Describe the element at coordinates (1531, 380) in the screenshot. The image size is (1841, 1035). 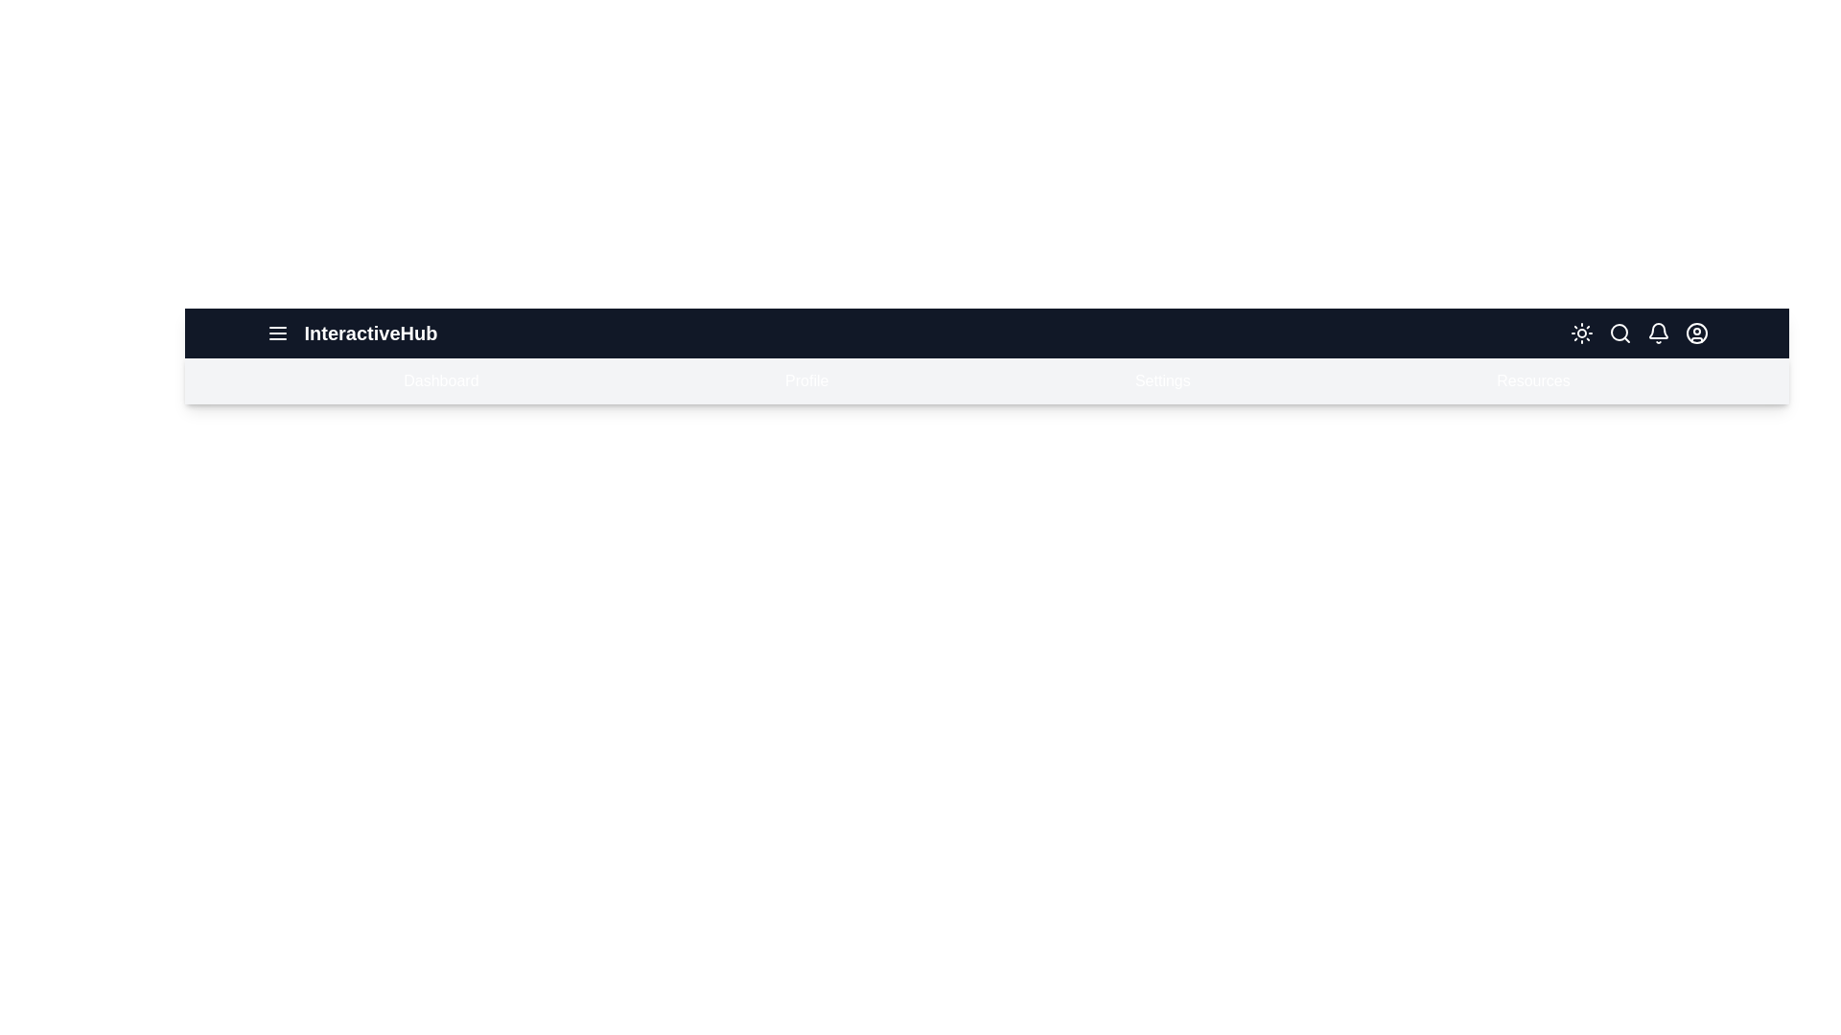
I see `the Resources navigation link` at that location.